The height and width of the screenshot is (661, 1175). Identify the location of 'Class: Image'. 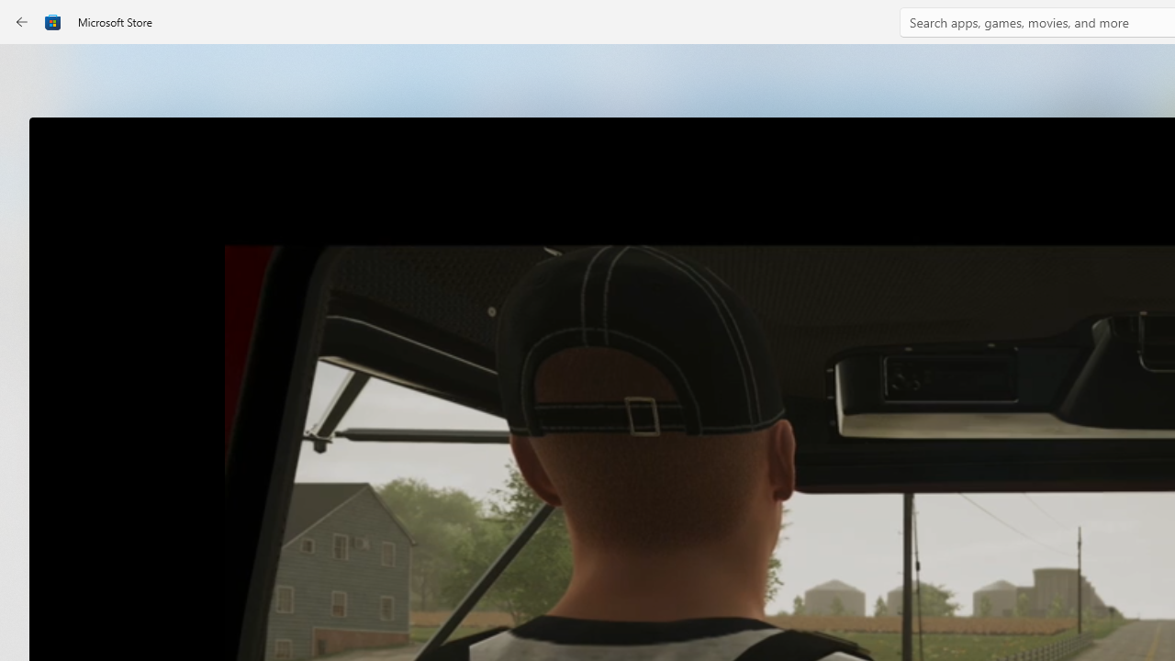
(53, 22).